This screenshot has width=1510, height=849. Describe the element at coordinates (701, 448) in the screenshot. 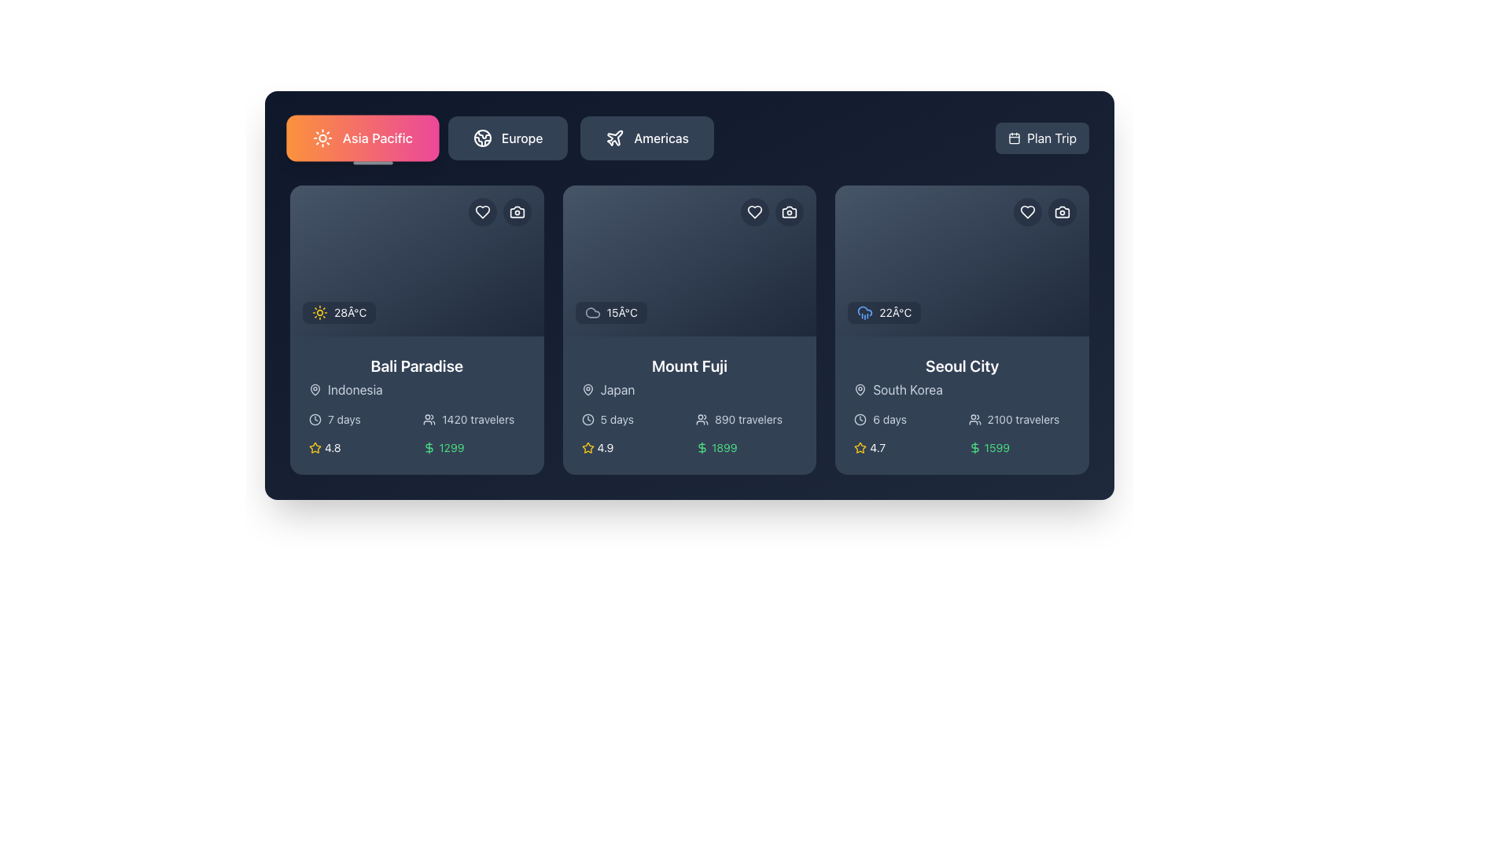

I see `the dollar sign icon located to the left of the numeric text '1899' inside the 'Mount Fuji' card, which is the second card from the left in the travel destination series` at that location.